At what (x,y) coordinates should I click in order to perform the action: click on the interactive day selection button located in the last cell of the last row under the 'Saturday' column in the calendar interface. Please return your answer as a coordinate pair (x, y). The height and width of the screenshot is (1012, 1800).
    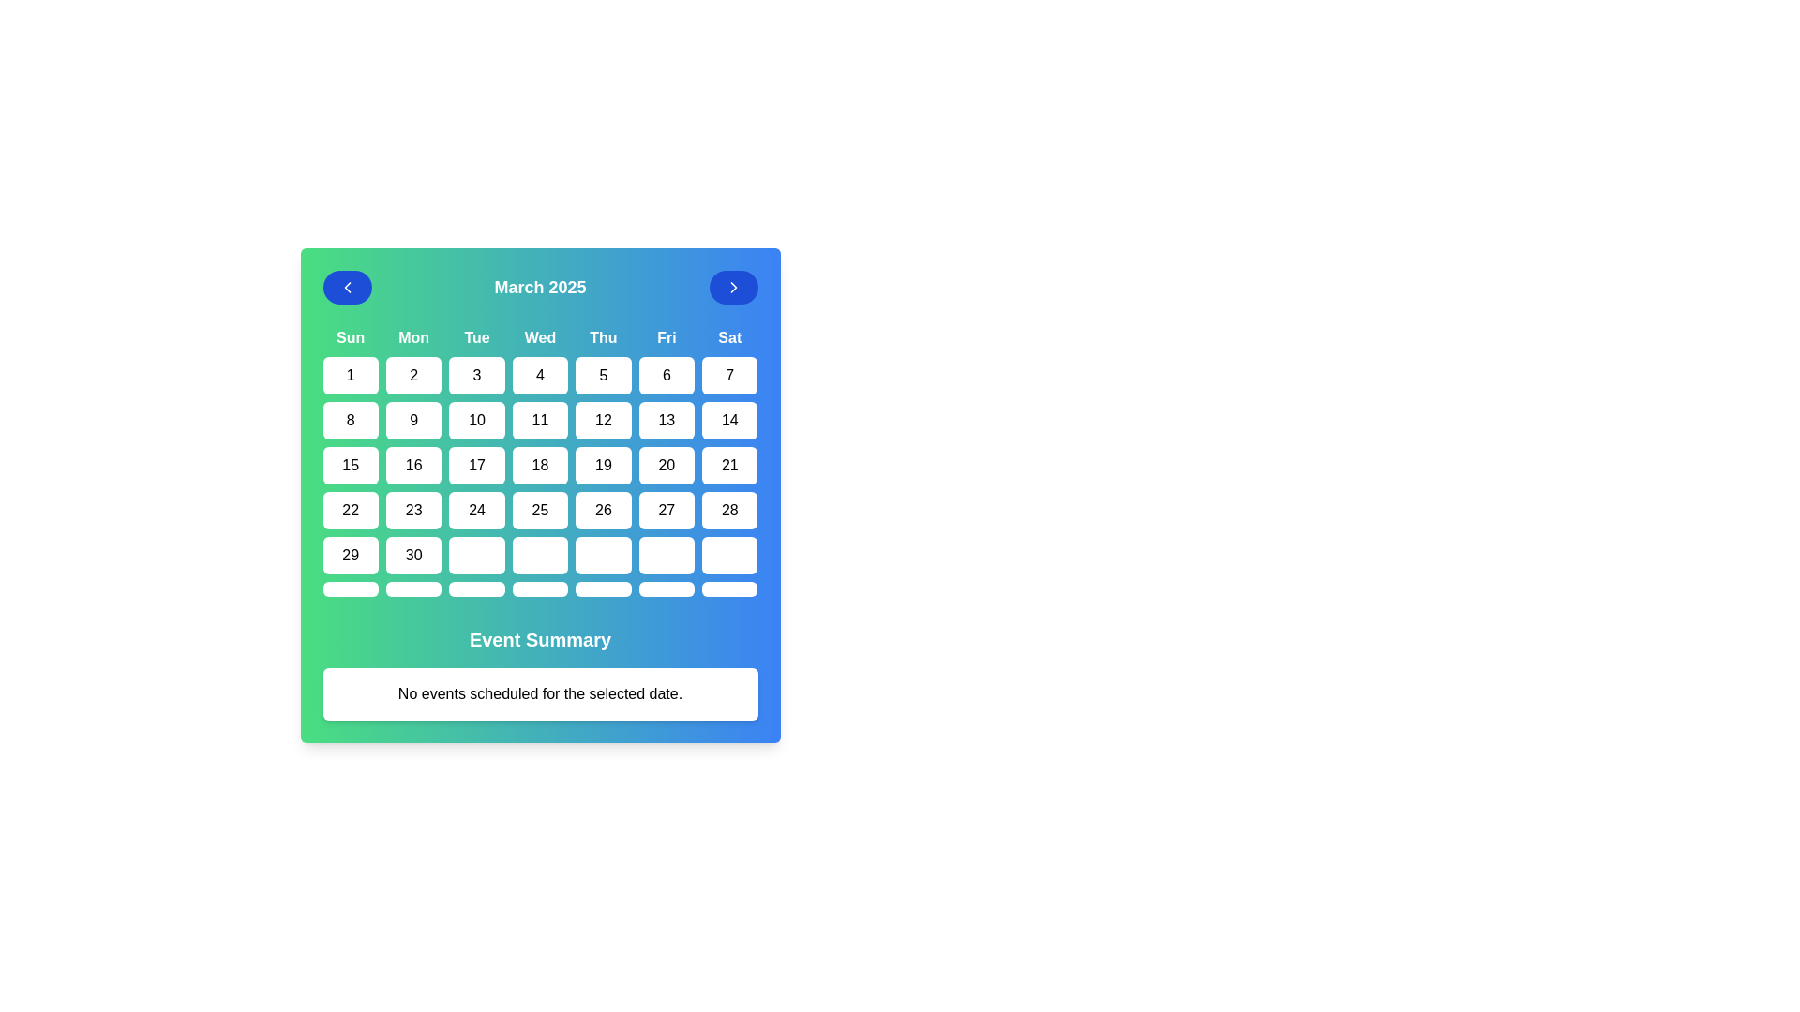
    Looking at the image, I should click on (728, 555).